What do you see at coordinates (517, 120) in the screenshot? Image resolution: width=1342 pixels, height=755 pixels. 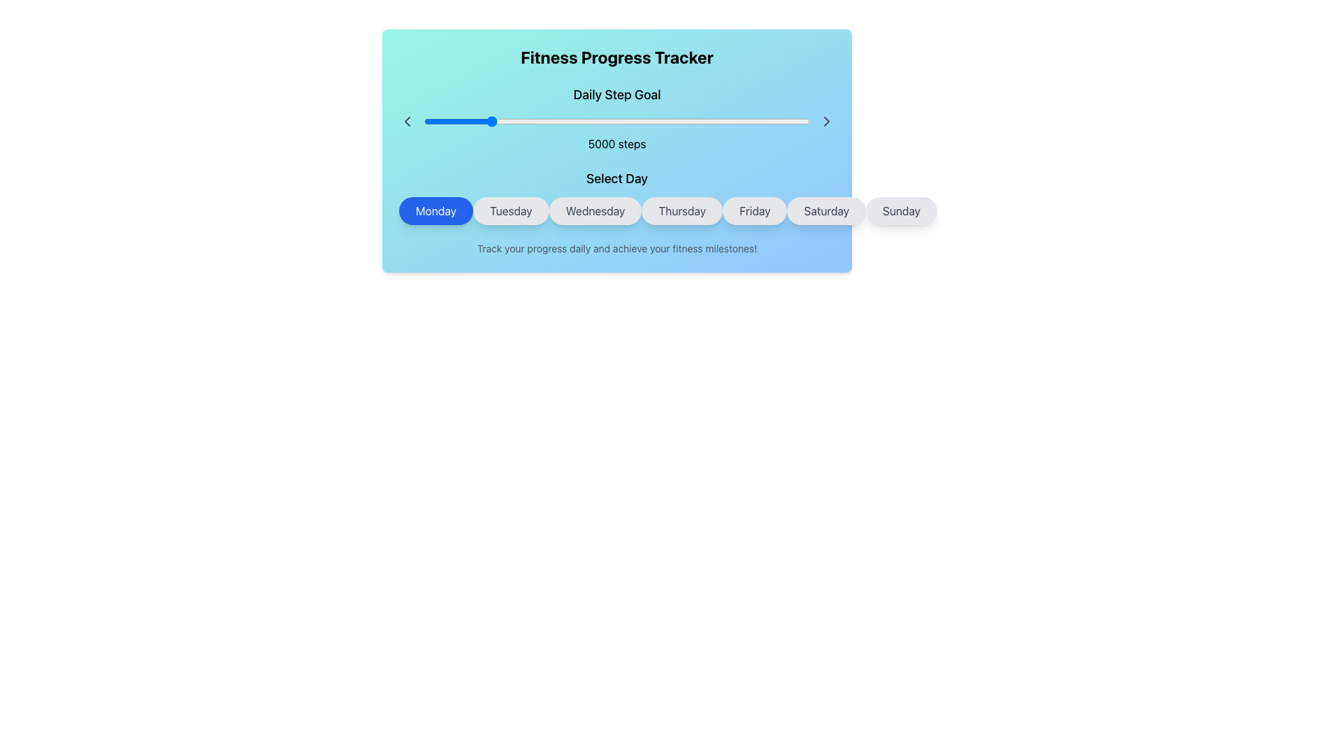 I see `the daily step goal slider` at bounding box center [517, 120].